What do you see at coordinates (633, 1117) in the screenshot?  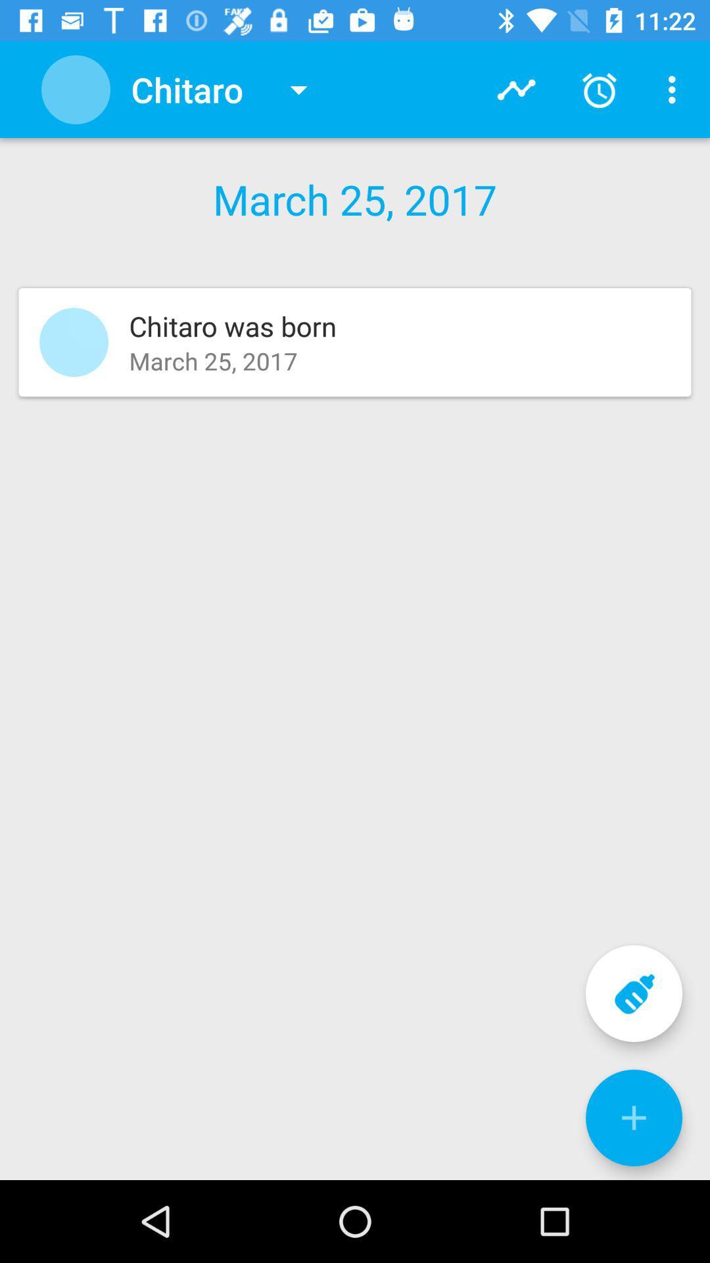 I see `the plus symbol in blue color` at bounding box center [633, 1117].